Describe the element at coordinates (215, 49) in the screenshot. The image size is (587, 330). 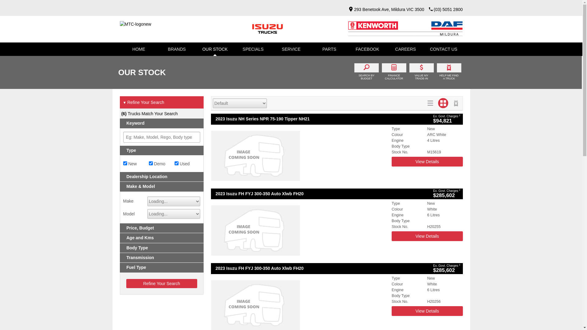
I see `'OUR STOCK'` at that location.